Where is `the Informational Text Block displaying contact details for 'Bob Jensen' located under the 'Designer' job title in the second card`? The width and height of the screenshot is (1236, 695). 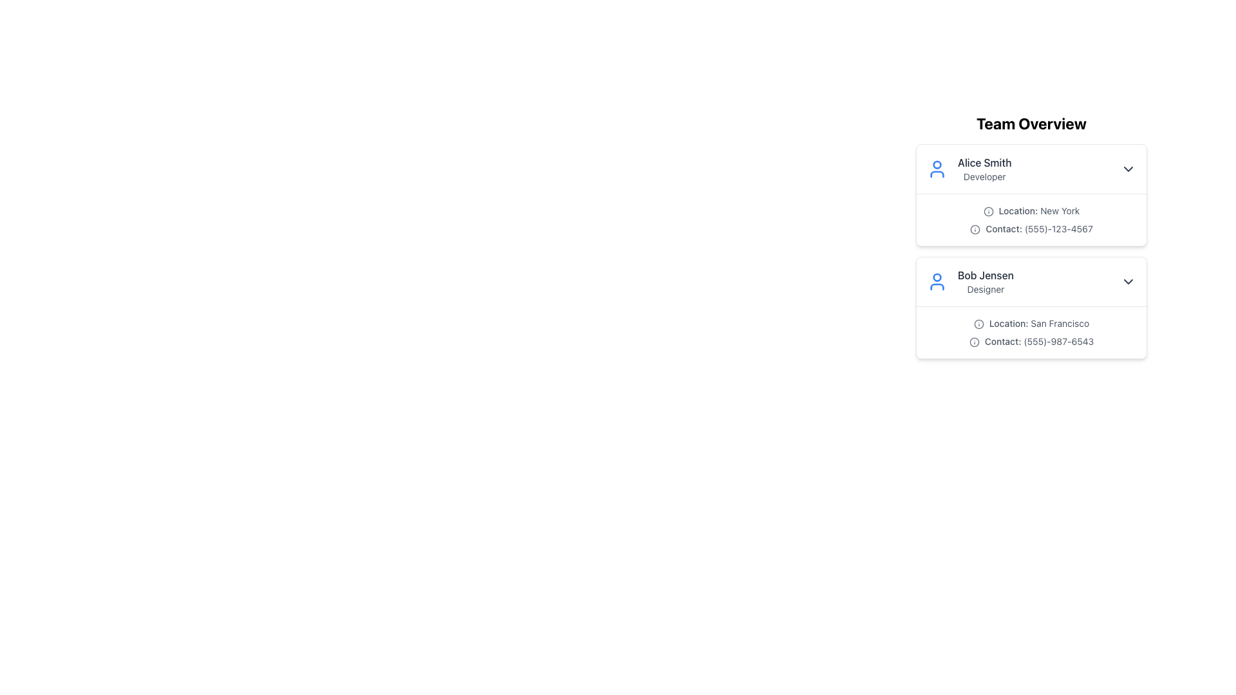
the Informational Text Block displaying contact details for 'Bob Jensen' located under the 'Designer' job title in the second card is located at coordinates (1031, 331).